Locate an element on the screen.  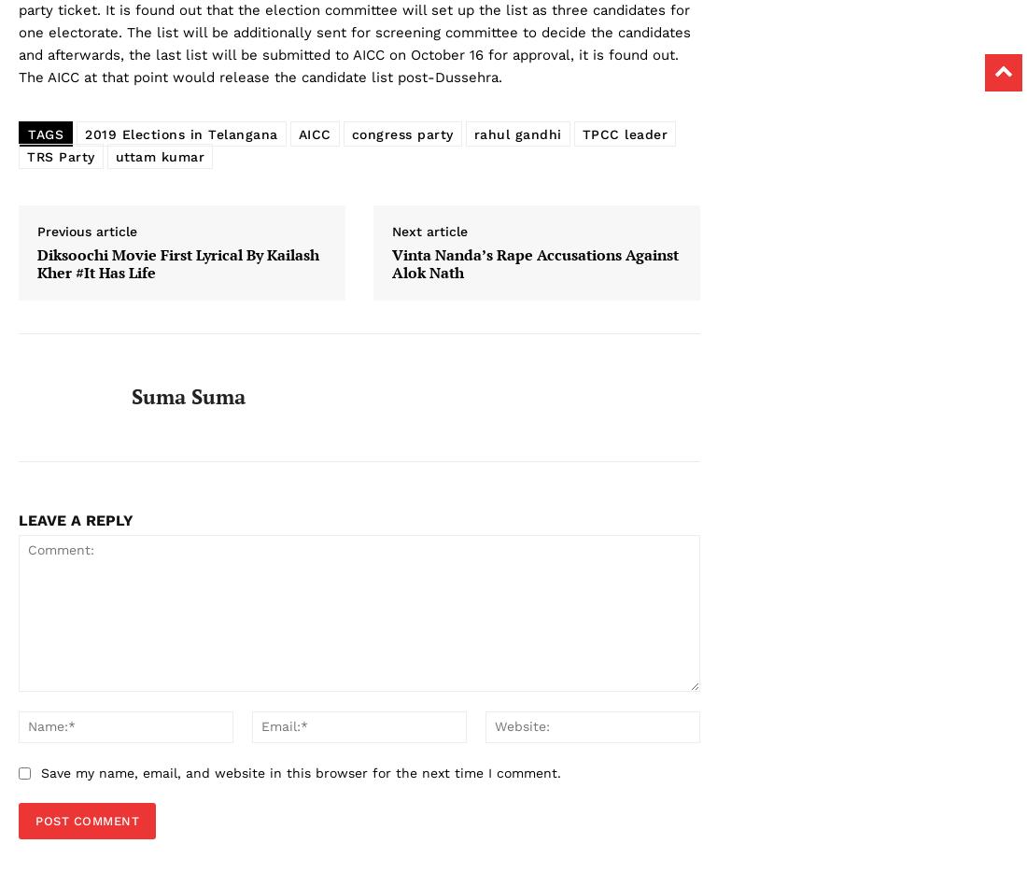
'suma suma' is located at coordinates (187, 396).